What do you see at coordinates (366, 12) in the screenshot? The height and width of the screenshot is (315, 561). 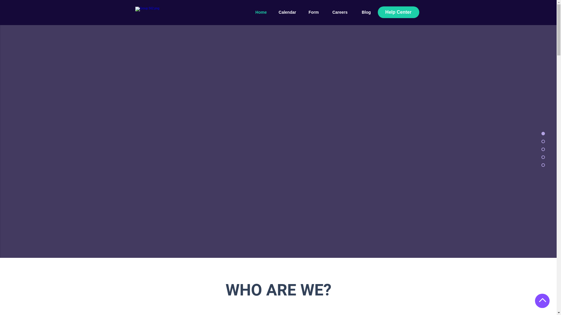 I see `'Blog'` at bounding box center [366, 12].